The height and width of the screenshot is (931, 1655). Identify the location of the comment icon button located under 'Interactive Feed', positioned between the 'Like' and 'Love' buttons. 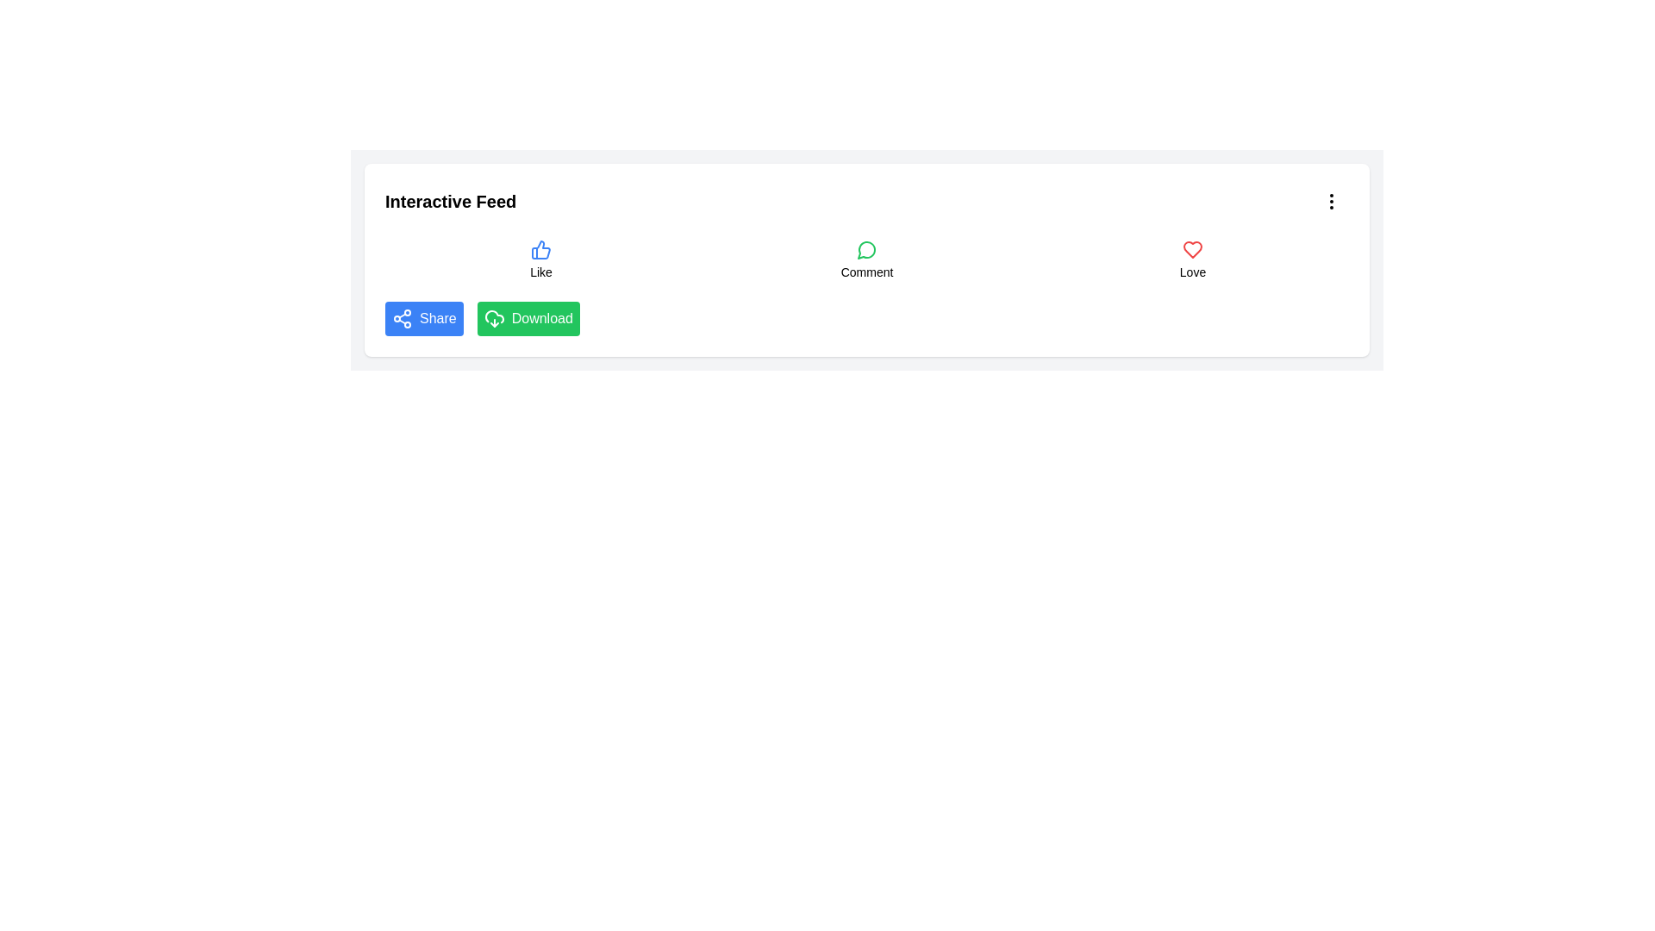
(866, 250).